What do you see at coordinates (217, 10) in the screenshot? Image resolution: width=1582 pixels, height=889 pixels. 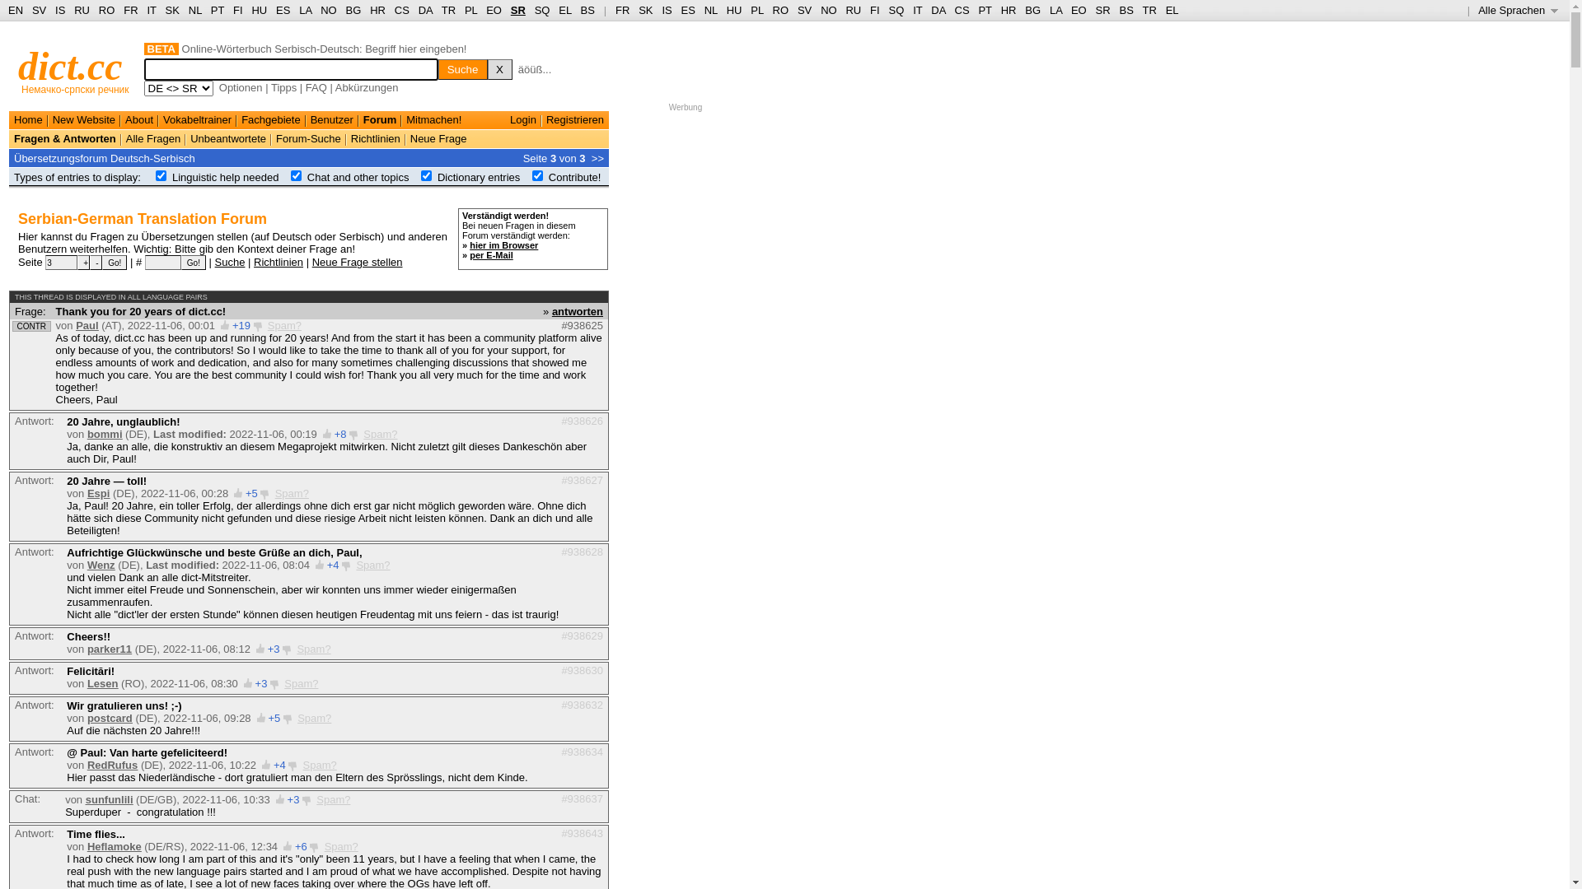 I see `'PT'` at bounding box center [217, 10].